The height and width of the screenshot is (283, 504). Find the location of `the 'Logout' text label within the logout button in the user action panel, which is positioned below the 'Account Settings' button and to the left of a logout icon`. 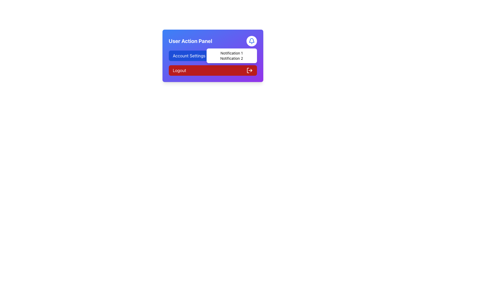

the 'Logout' text label within the logout button in the user action panel, which is positioned below the 'Account Settings' button and to the left of a logout icon is located at coordinates (179, 70).